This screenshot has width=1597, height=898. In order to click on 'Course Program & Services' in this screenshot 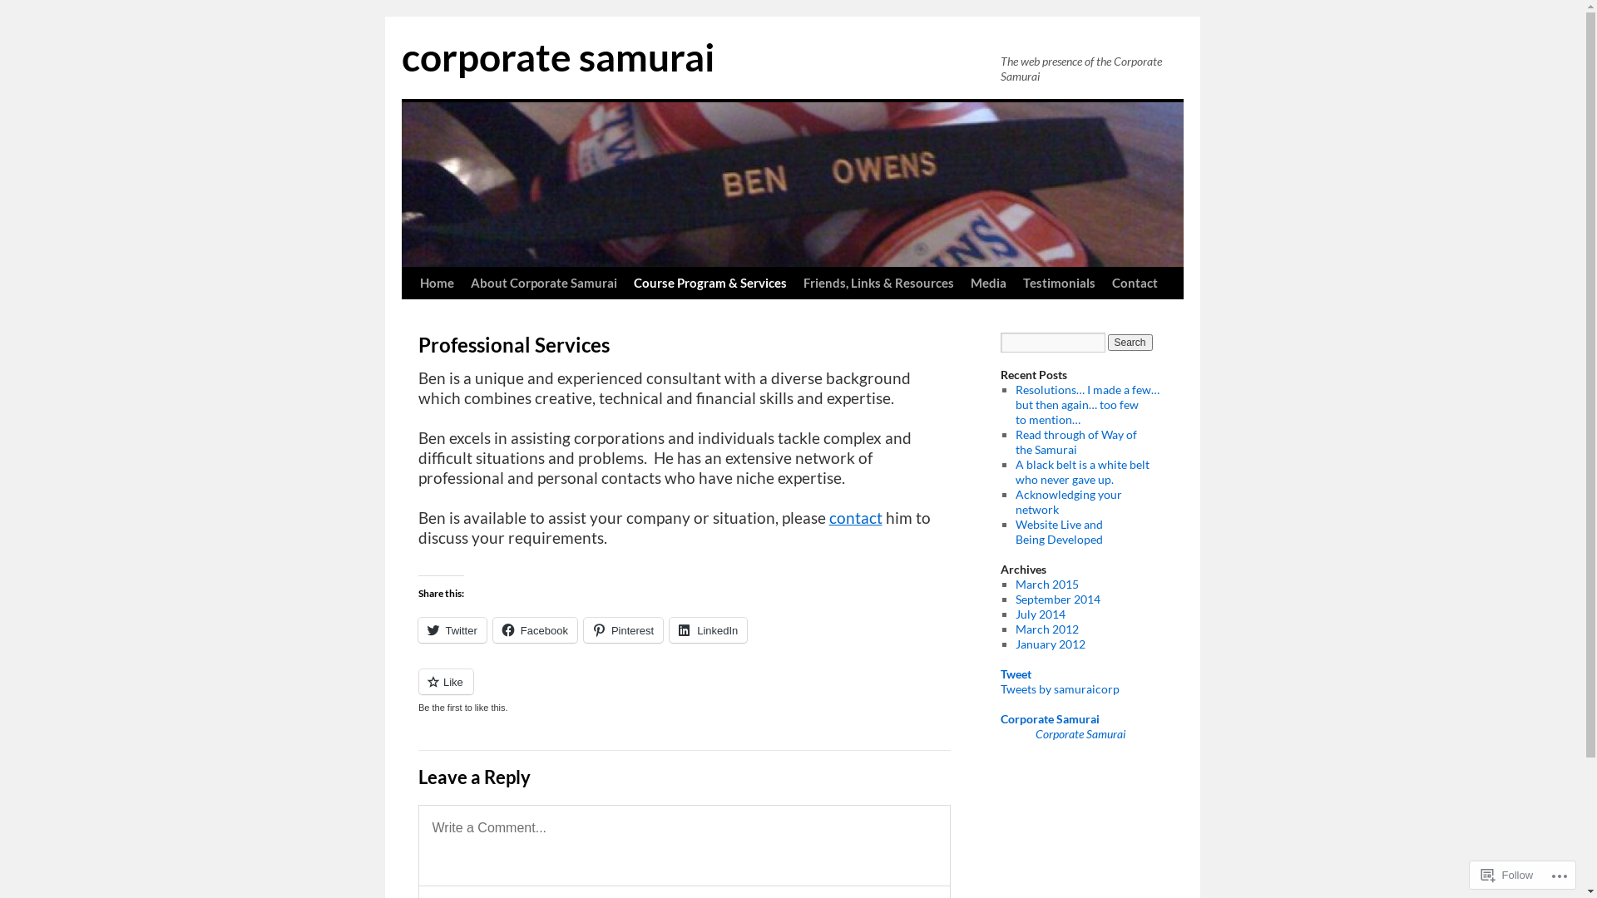, I will do `click(710, 282)`.